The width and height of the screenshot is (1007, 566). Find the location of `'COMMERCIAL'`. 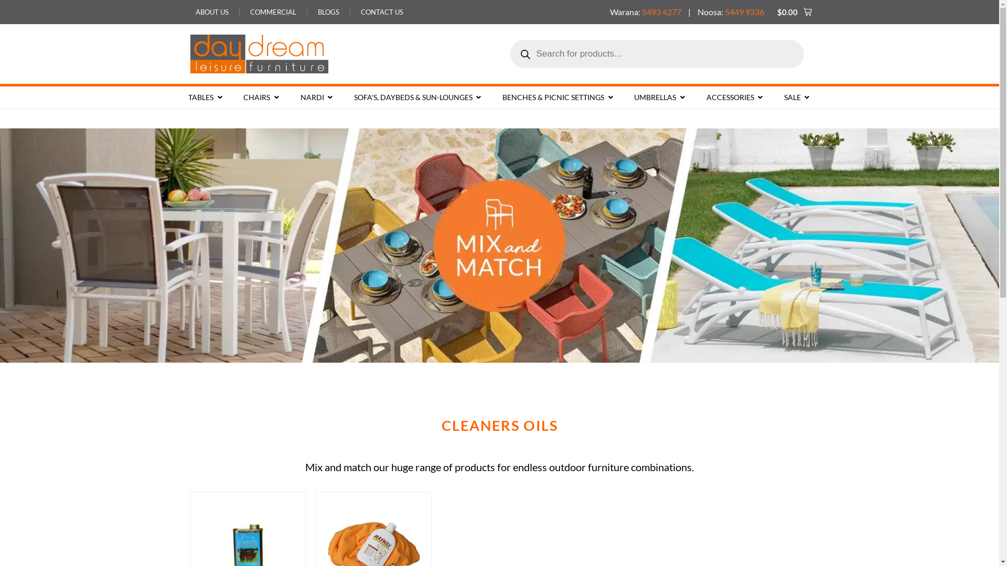

'COMMERCIAL' is located at coordinates (272, 12).